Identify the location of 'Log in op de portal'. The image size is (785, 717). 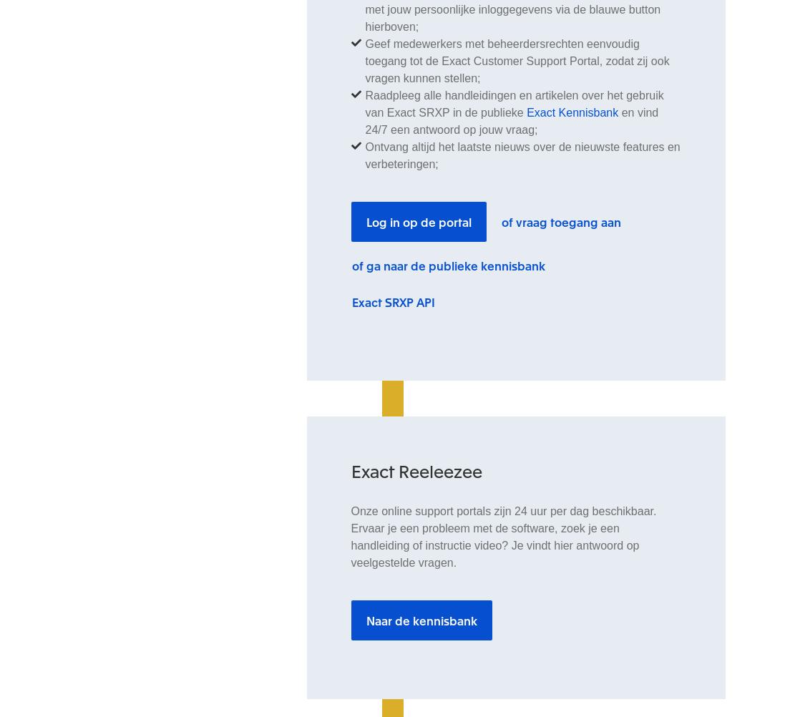
(418, 221).